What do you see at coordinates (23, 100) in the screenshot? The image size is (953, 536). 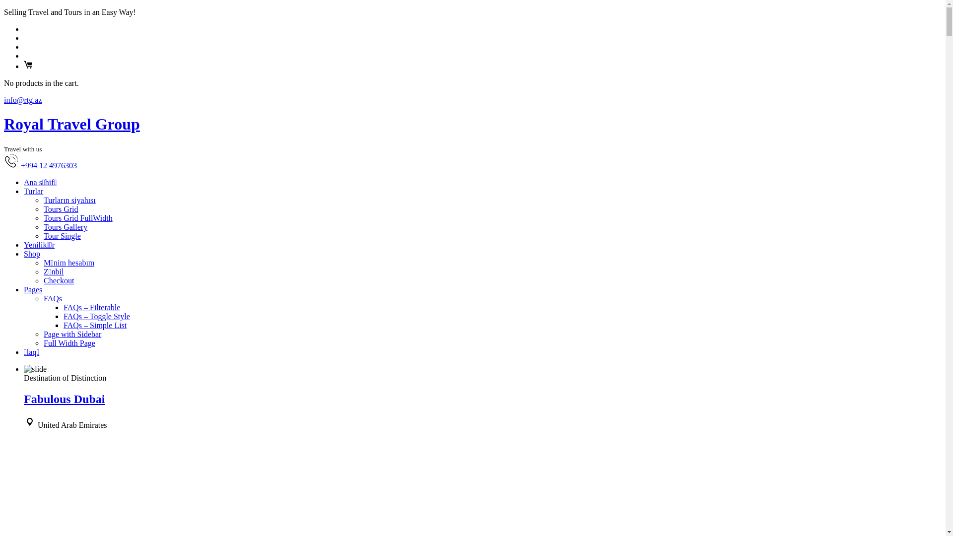 I see `'info@rtg.az'` at bounding box center [23, 100].